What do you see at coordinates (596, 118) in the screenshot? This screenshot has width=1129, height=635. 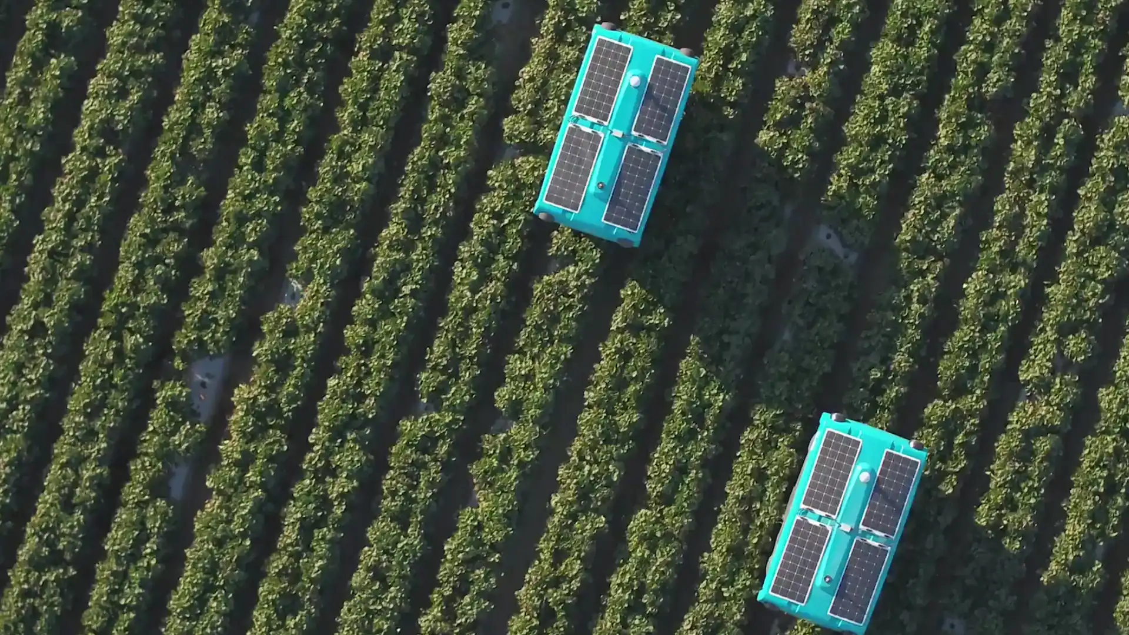 I see `No ordinary ride The Self-Driving Car team completes the worlds first fully self-driving ride on public roads in Austin, TX  no steering wheel, pedals, or test drivers involved. Steve Mahan, the former CEO of the Santa Clara Valley Blind Center, is the inaugural passenger.` at bounding box center [596, 118].